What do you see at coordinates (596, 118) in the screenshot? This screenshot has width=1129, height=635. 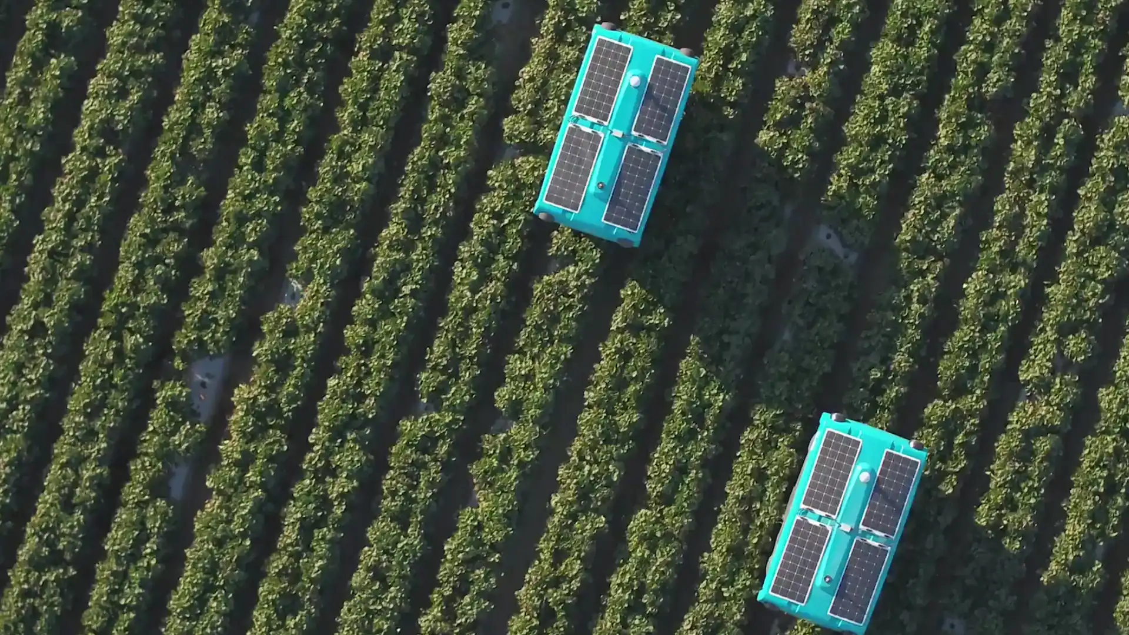 I see `No ordinary ride The Self-Driving Car team completes the worlds first fully self-driving ride on public roads in Austin, TX  no steering wheel, pedals, or test drivers involved. Steve Mahan, the former CEO of the Santa Clara Valley Blind Center, is the inaugural passenger.` at bounding box center [596, 118].